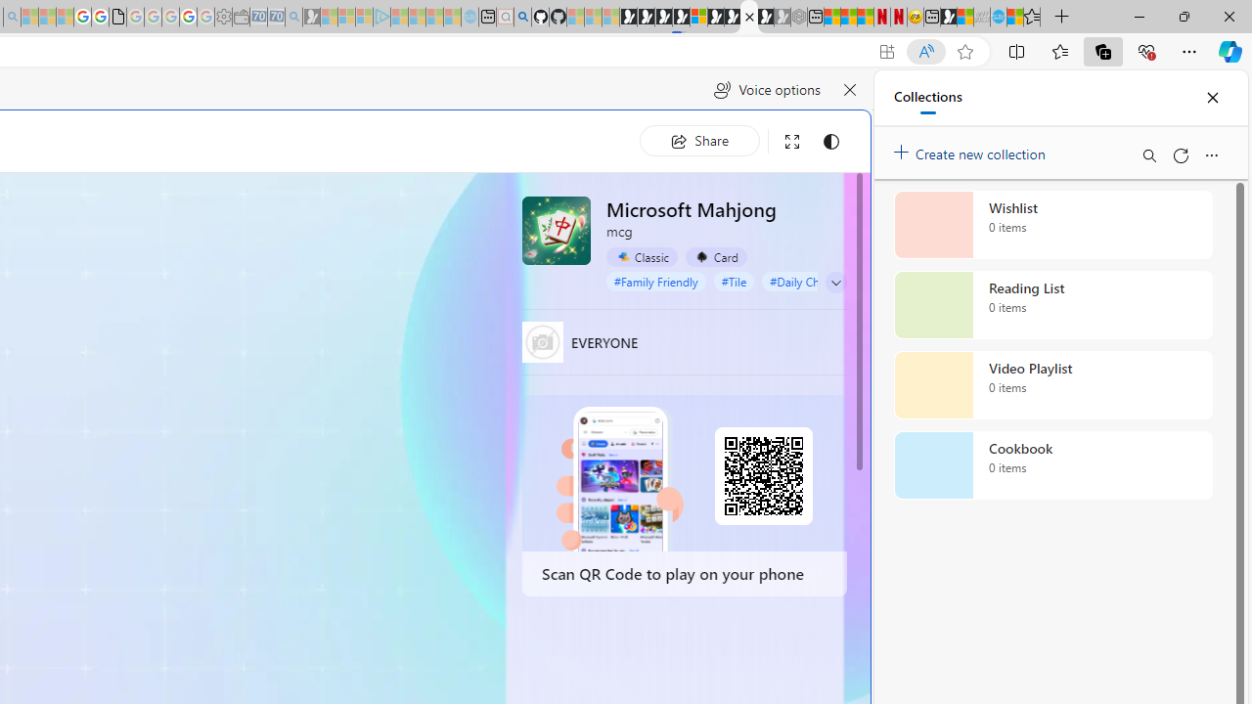 This screenshot has width=1252, height=704. Describe the element at coordinates (766, 90) in the screenshot. I see `'Voice options'` at that location.